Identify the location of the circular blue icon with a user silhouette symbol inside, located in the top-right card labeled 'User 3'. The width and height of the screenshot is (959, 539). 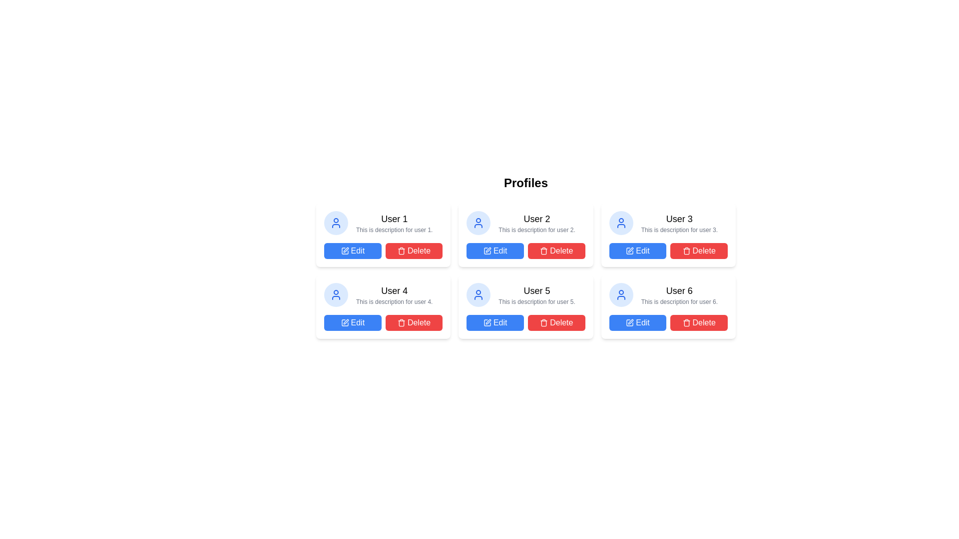
(620, 223).